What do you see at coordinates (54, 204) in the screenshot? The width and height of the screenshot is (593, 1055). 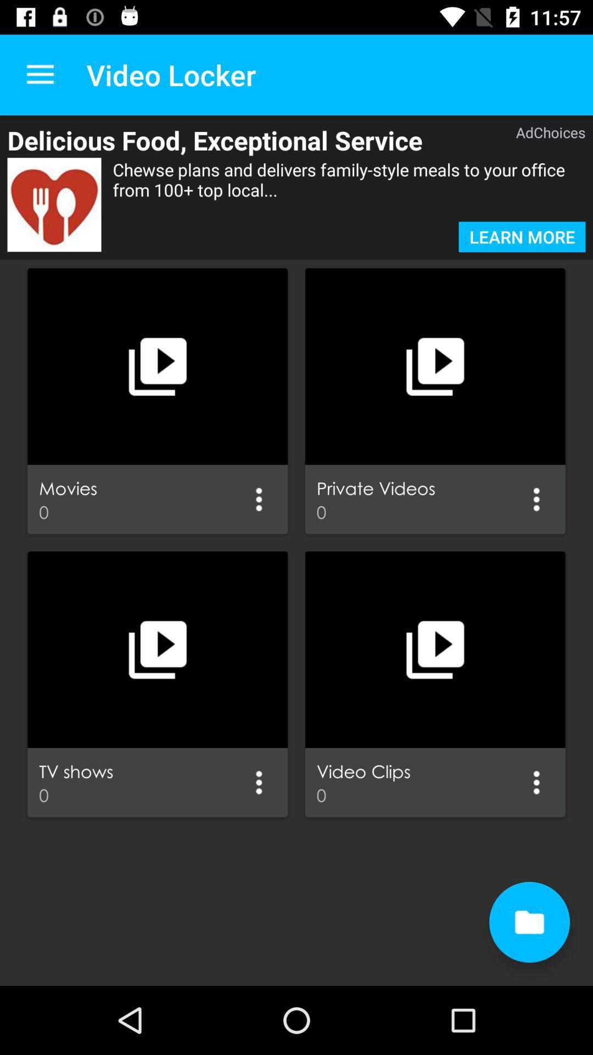 I see `item below the delicious food exceptional item` at bounding box center [54, 204].